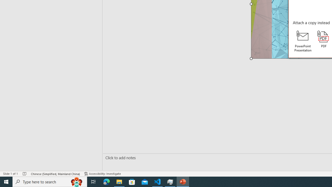 Image resolution: width=332 pixels, height=187 pixels. Describe the element at coordinates (303, 41) in the screenshot. I see `'PowerPoint Presentation'` at that location.